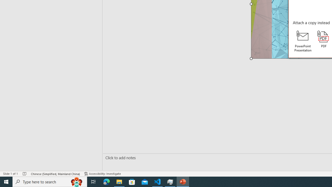 Image resolution: width=332 pixels, height=187 pixels. Describe the element at coordinates (303, 41) in the screenshot. I see `'PowerPoint Presentation'` at that location.